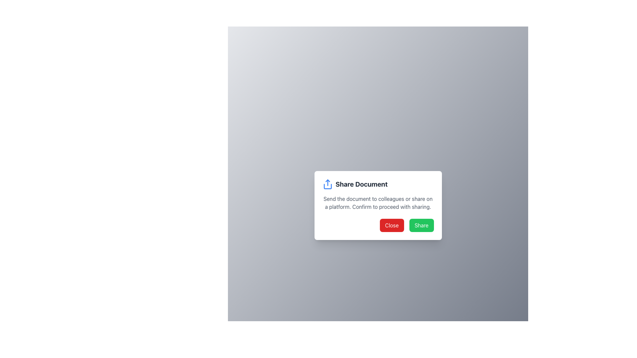 The height and width of the screenshot is (358, 637). What do you see at coordinates (392, 225) in the screenshot?
I see `the 'Close' button located at the bottom-left corner of the dialog box to observe hover effects` at bounding box center [392, 225].